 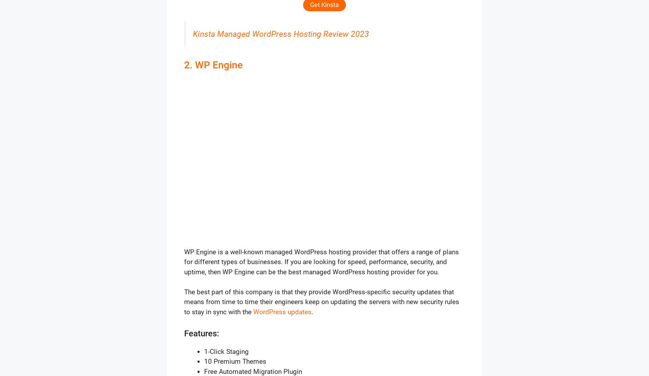 What do you see at coordinates (201, 333) in the screenshot?
I see `'Features:'` at bounding box center [201, 333].